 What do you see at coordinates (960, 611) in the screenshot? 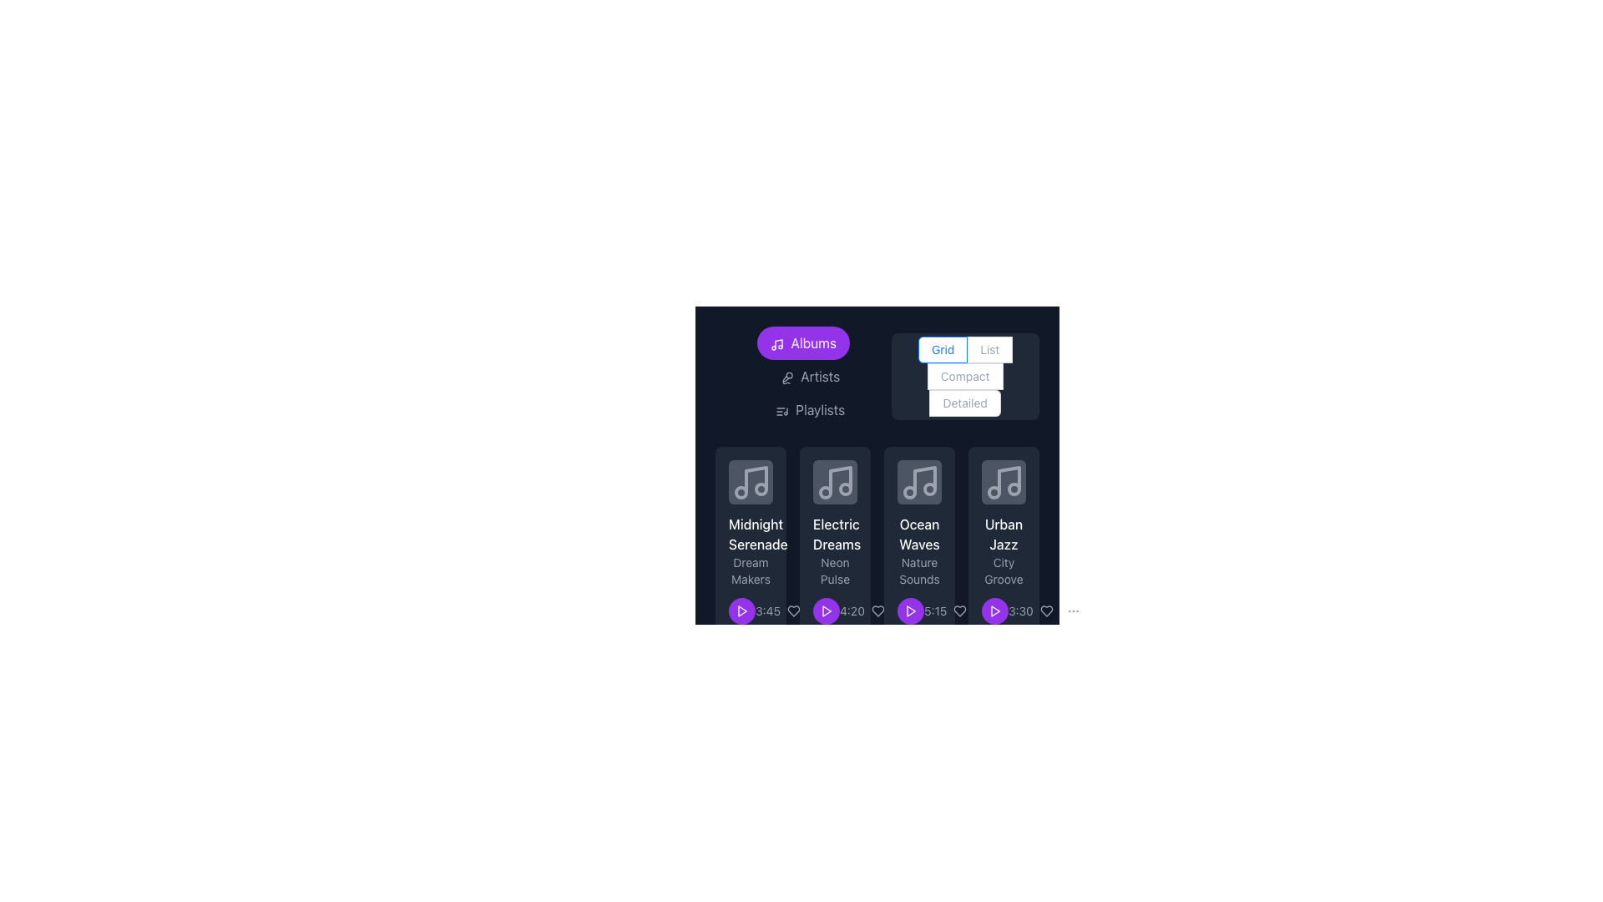
I see `the favorite button below the 'Ocean Waves' music item to like it` at bounding box center [960, 611].